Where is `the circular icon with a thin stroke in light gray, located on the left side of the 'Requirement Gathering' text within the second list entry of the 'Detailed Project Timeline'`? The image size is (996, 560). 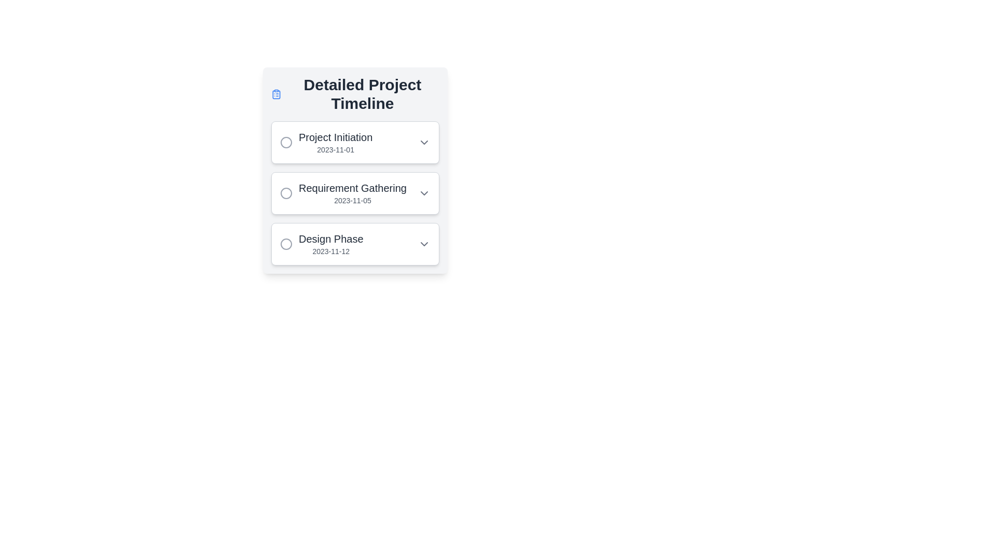 the circular icon with a thin stroke in light gray, located on the left side of the 'Requirement Gathering' text within the second list entry of the 'Detailed Project Timeline' is located at coordinates (286, 193).